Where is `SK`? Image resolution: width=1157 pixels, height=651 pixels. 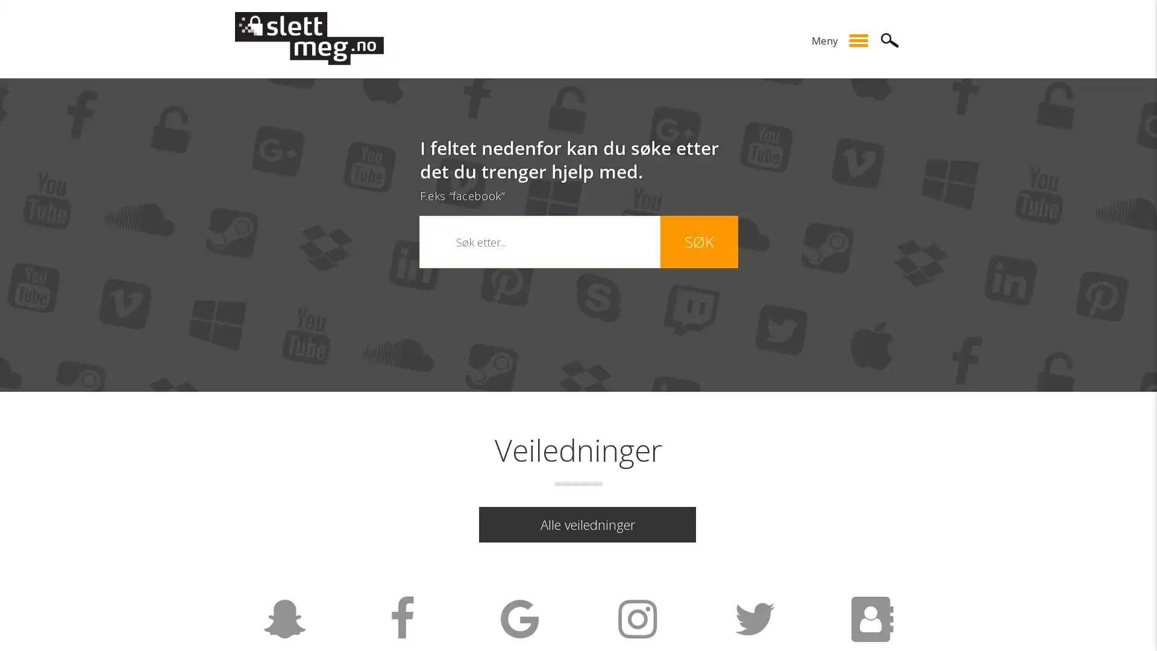 SK is located at coordinates (698, 242).